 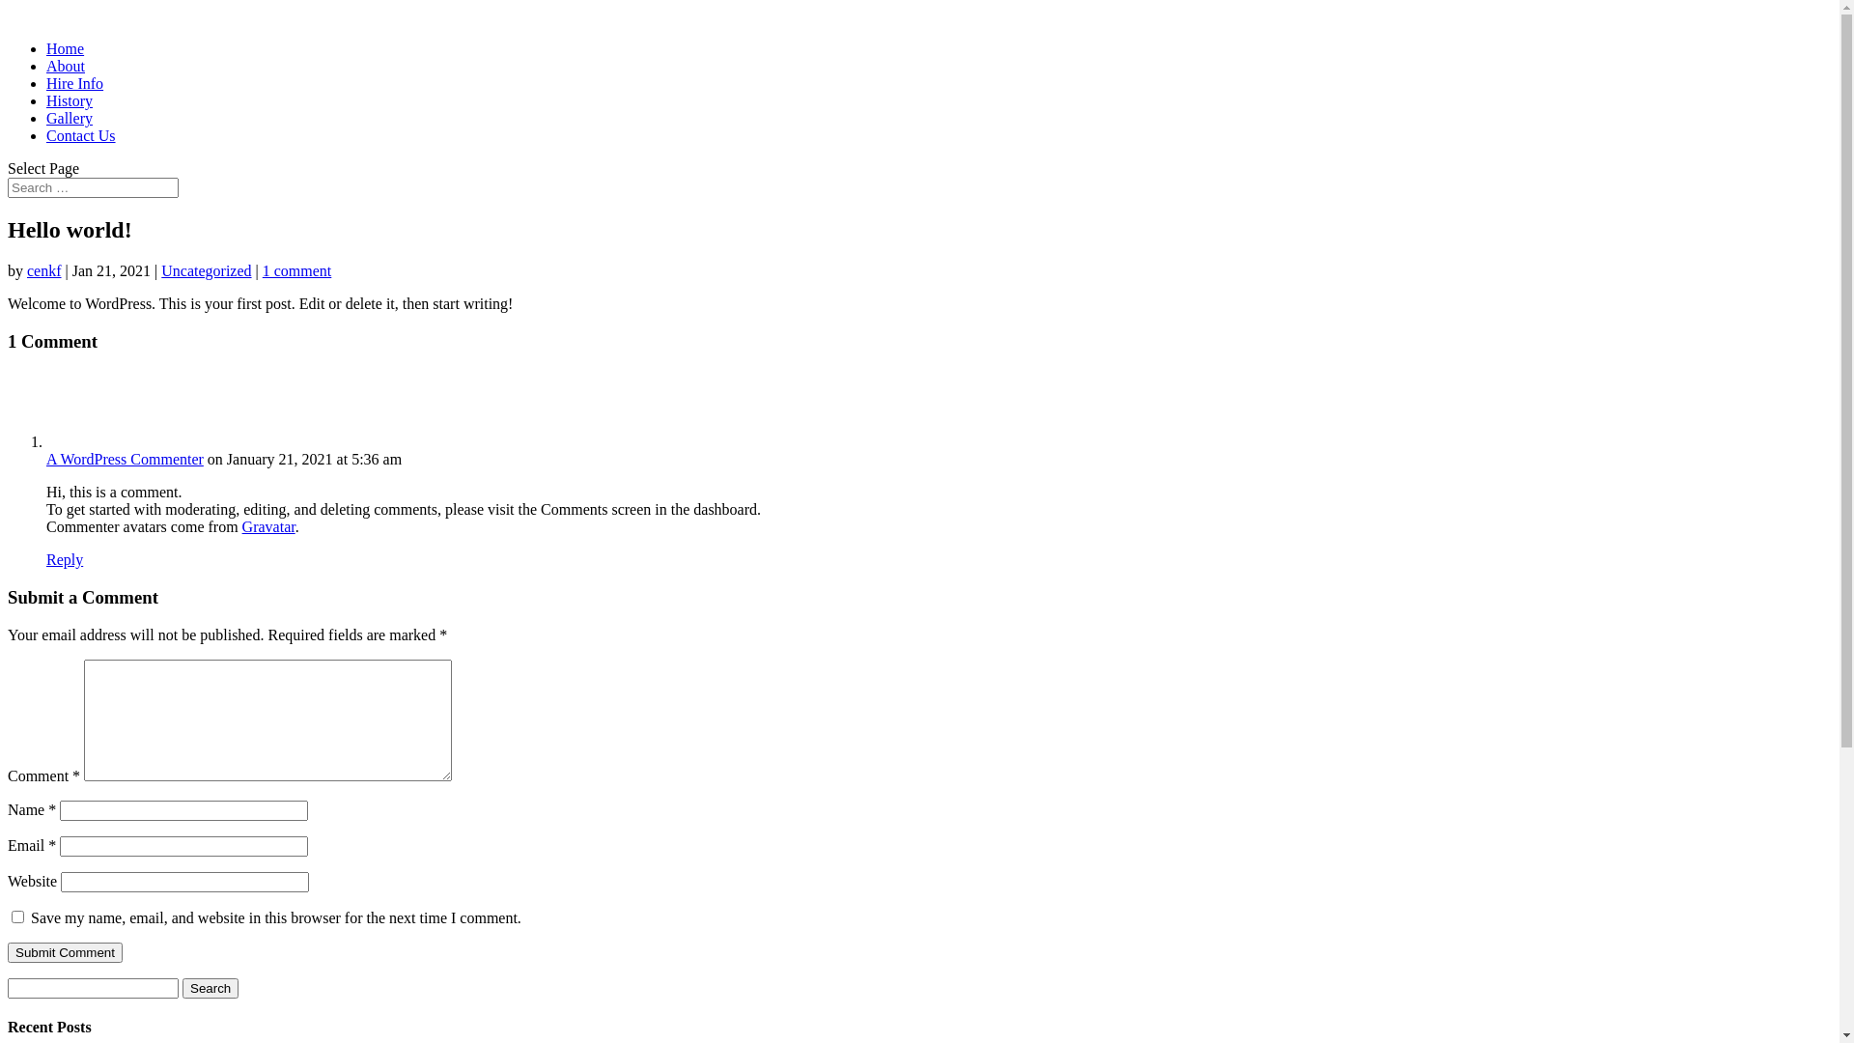 What do you see at coordinates (295, 270) in the screenshot?
I see `'1 comment'` at bounding box center [295, 270].